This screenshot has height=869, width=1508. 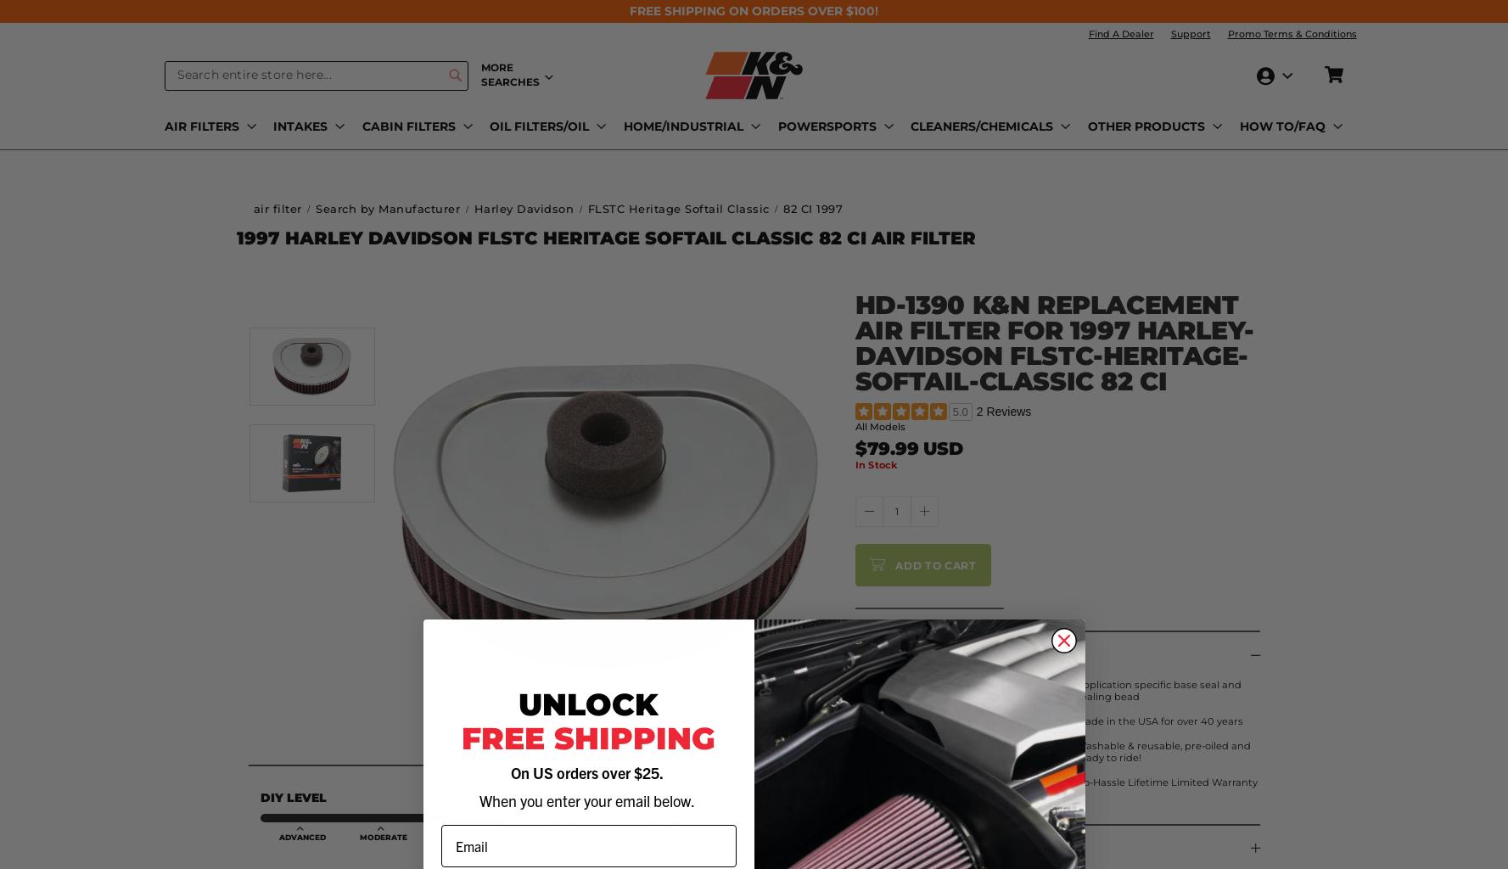 I want to click on '$79.99', so click(x=886, y=448).